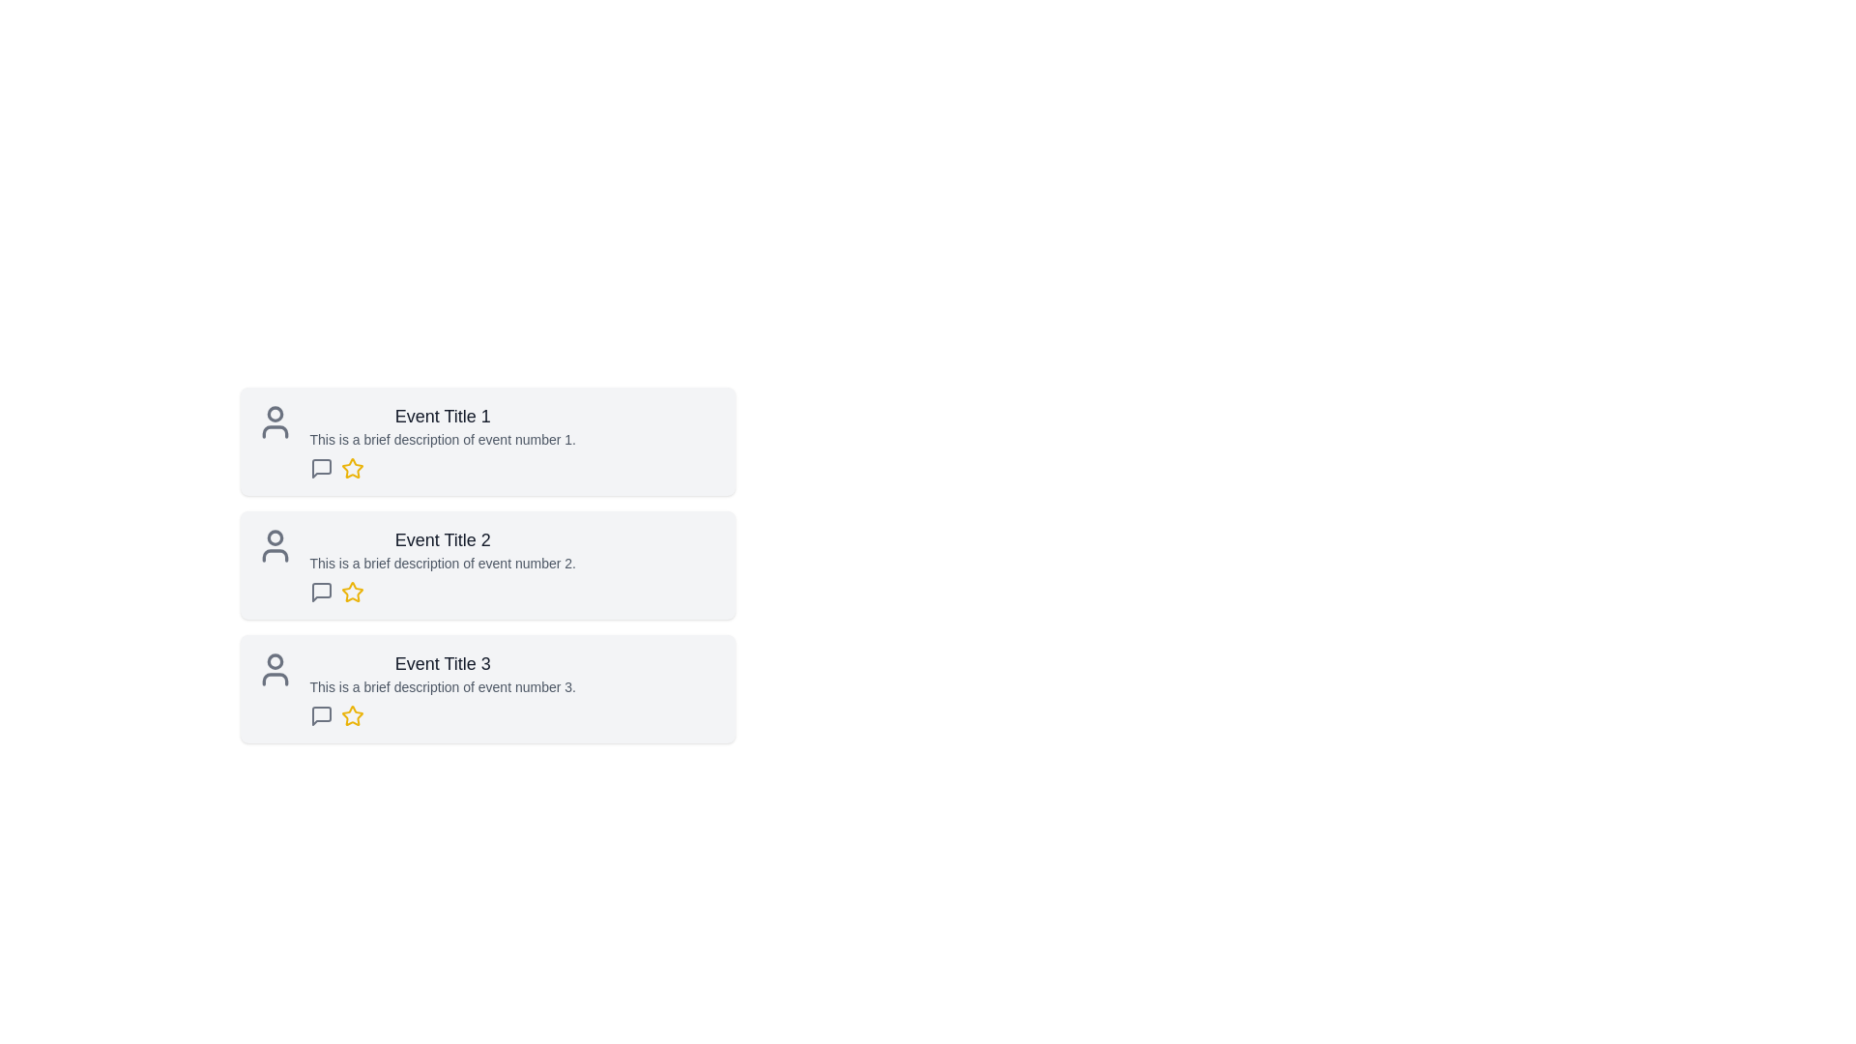 The width and height of the screenshot is (1856, 1044). I want to click on the second Descriptive Card in the vertical list of events, so click(487, 565).